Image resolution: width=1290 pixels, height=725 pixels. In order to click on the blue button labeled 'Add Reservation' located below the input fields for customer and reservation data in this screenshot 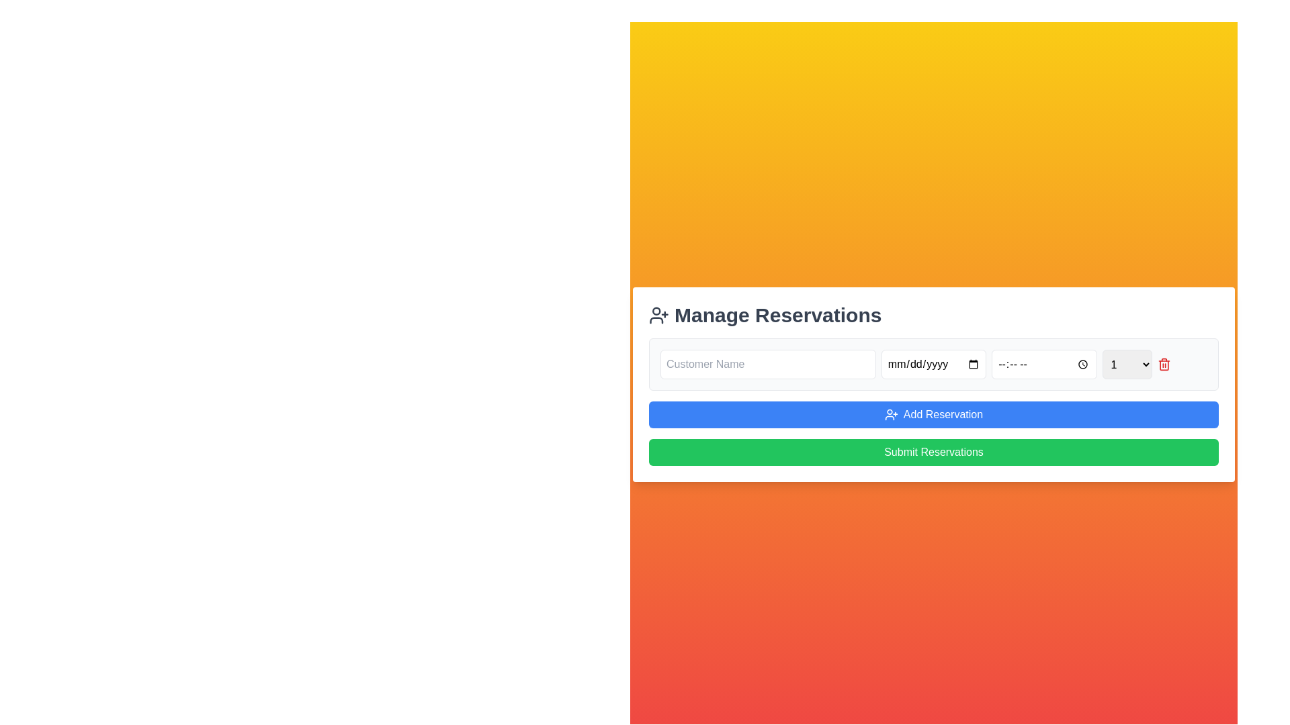, I will do `click(933, 401)`.